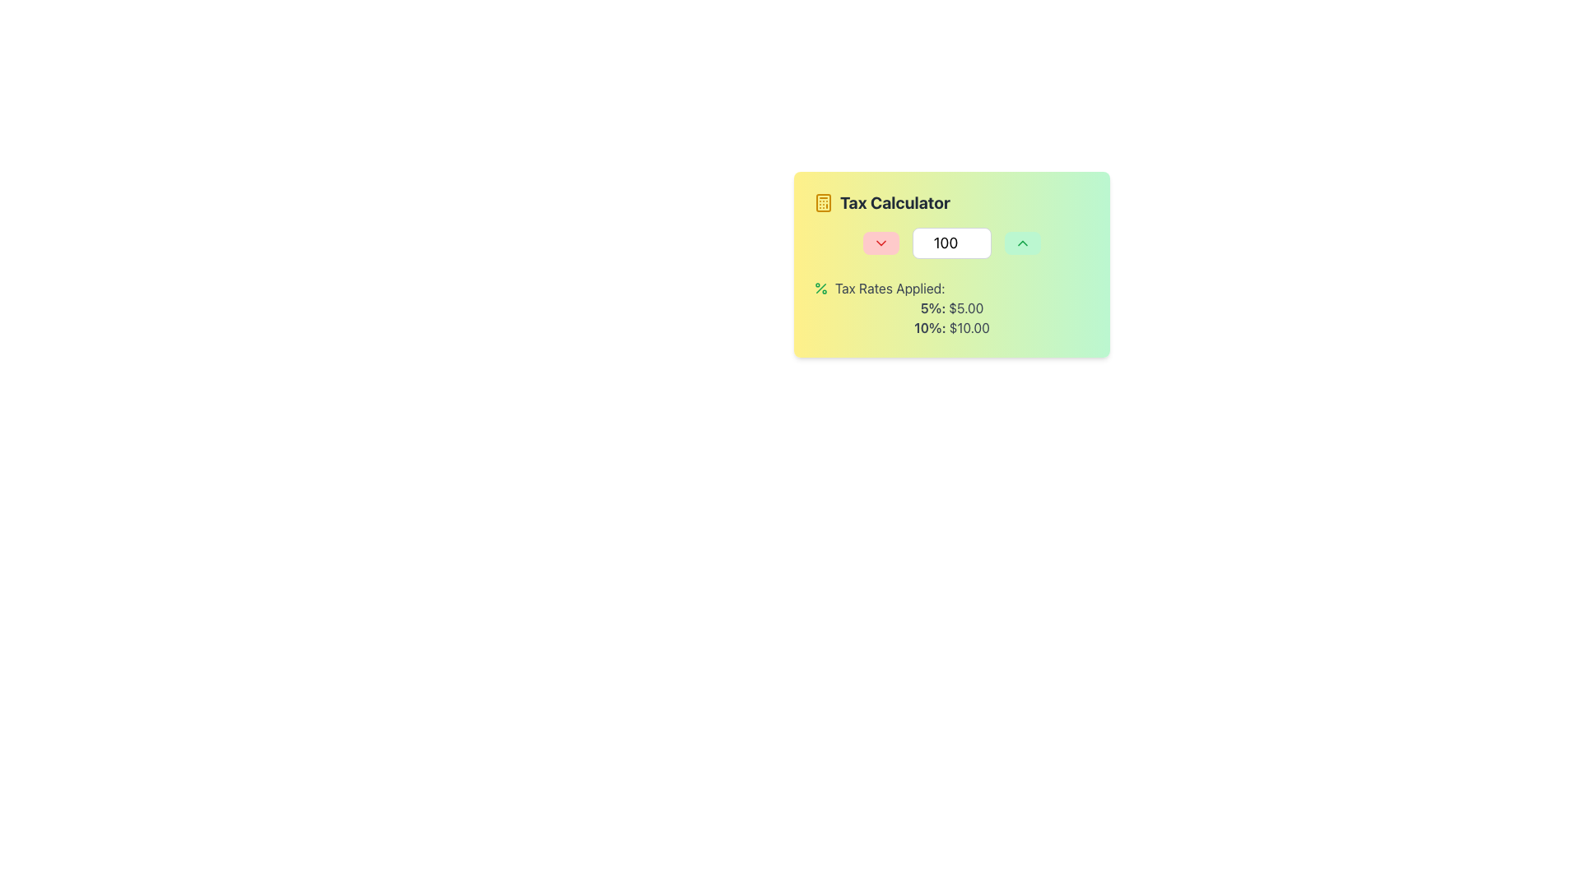  Describe the element at coordinates (880, 243) in the screenshot. I see `the dropdown toggle button located in the input section of the tax calculator interface` at that location.